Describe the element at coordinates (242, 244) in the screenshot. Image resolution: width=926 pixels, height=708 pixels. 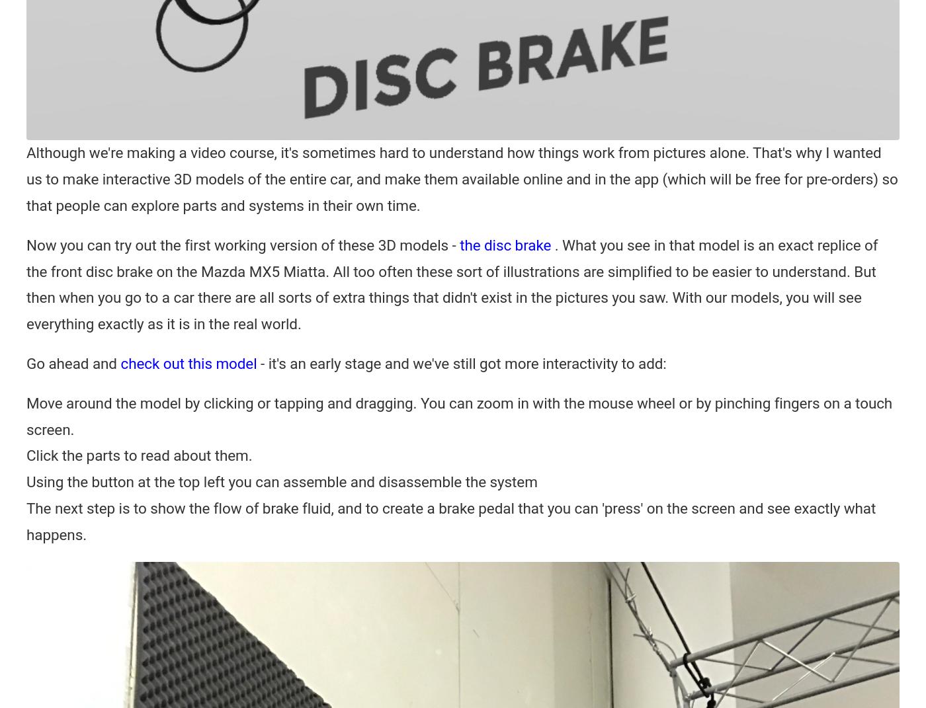
I see `'Now you can try out the first working version of these 3D models -'` at that location.